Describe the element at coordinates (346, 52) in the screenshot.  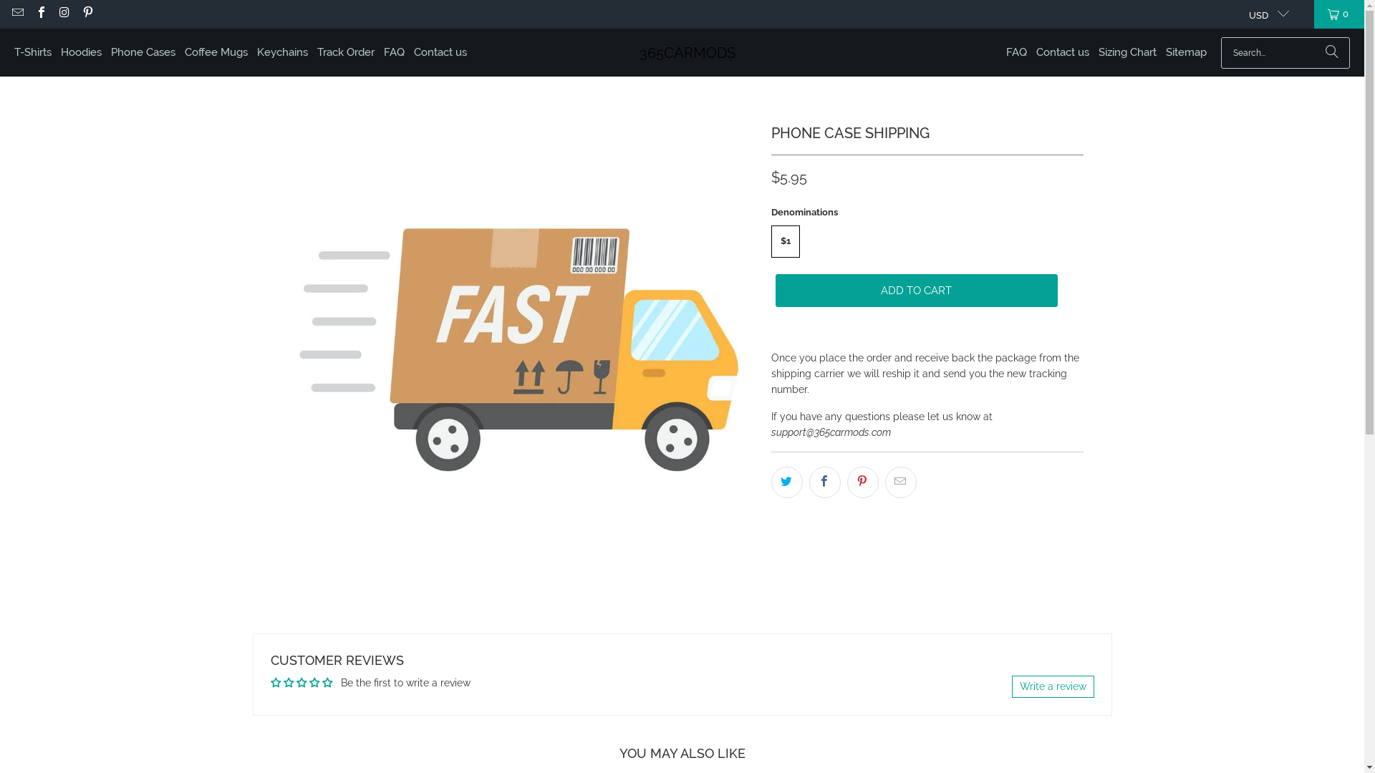
I see `'Track Order'` at that location.